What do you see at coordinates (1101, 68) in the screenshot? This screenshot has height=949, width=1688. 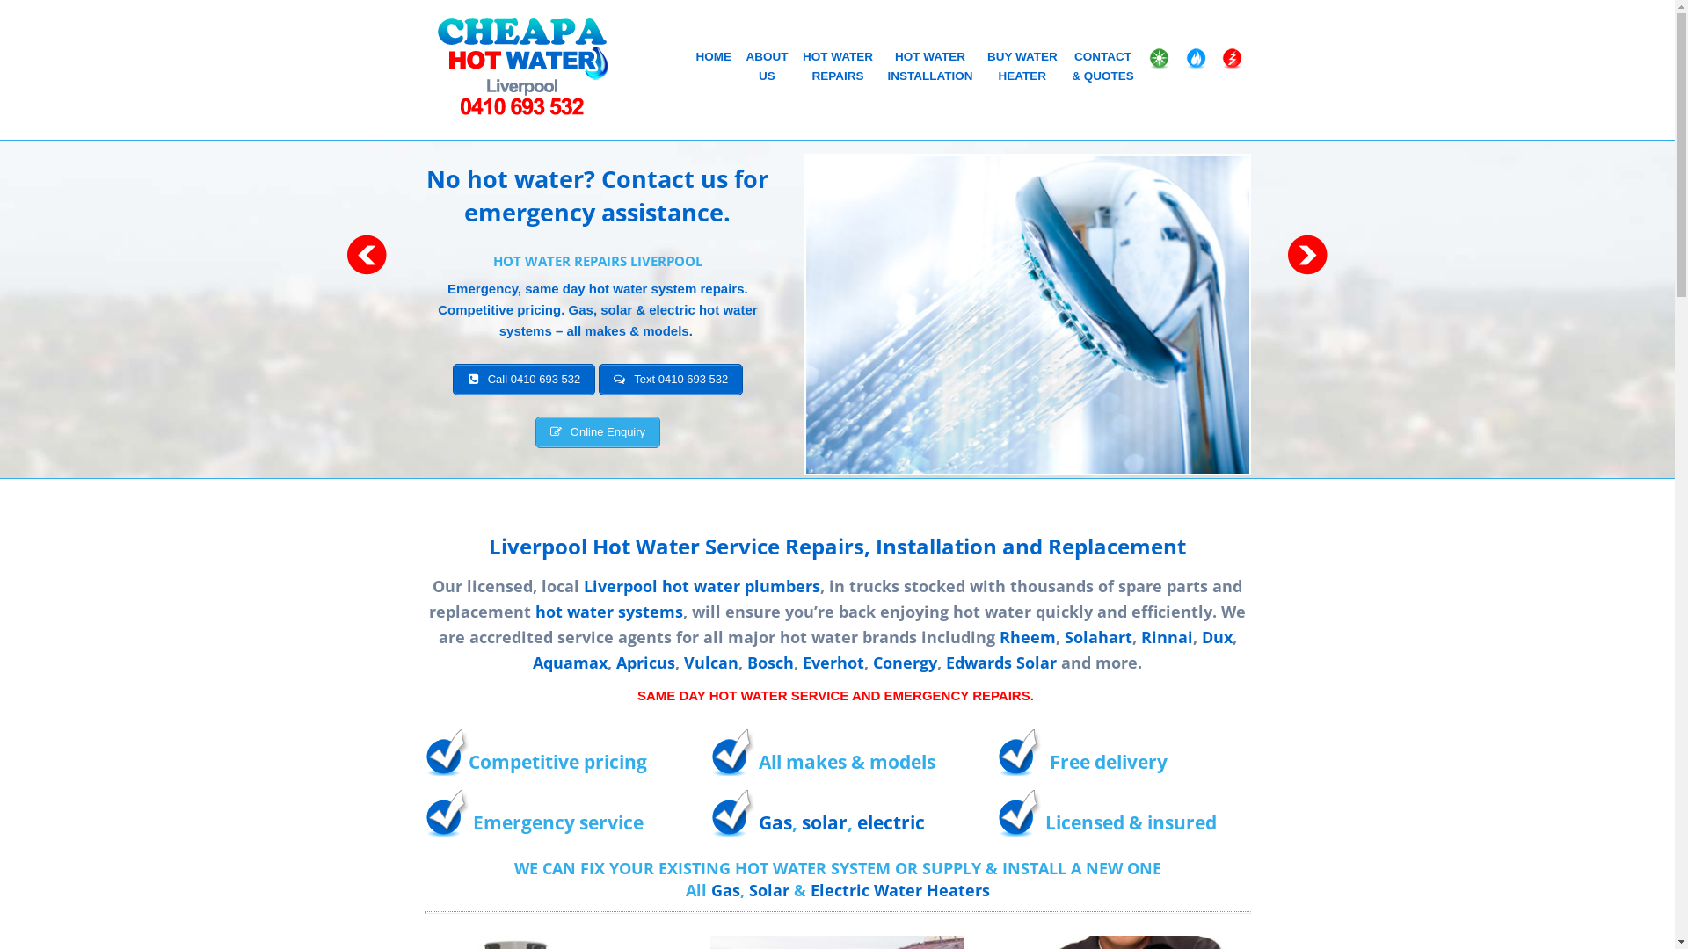 I see `'CONTACT` at bounding box center [1101, 68].